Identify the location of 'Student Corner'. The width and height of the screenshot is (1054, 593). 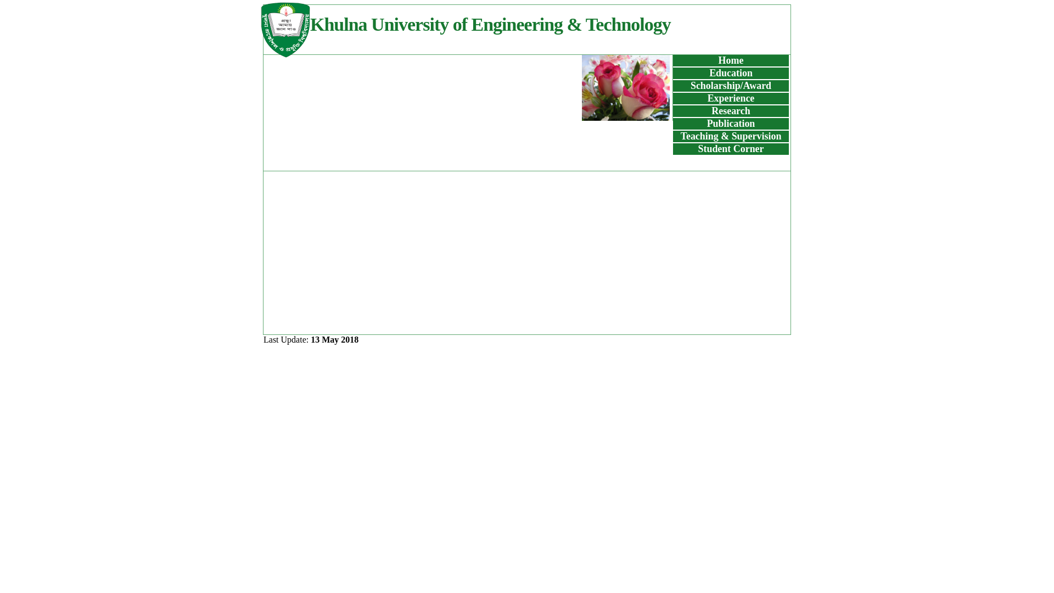
(697, 148).